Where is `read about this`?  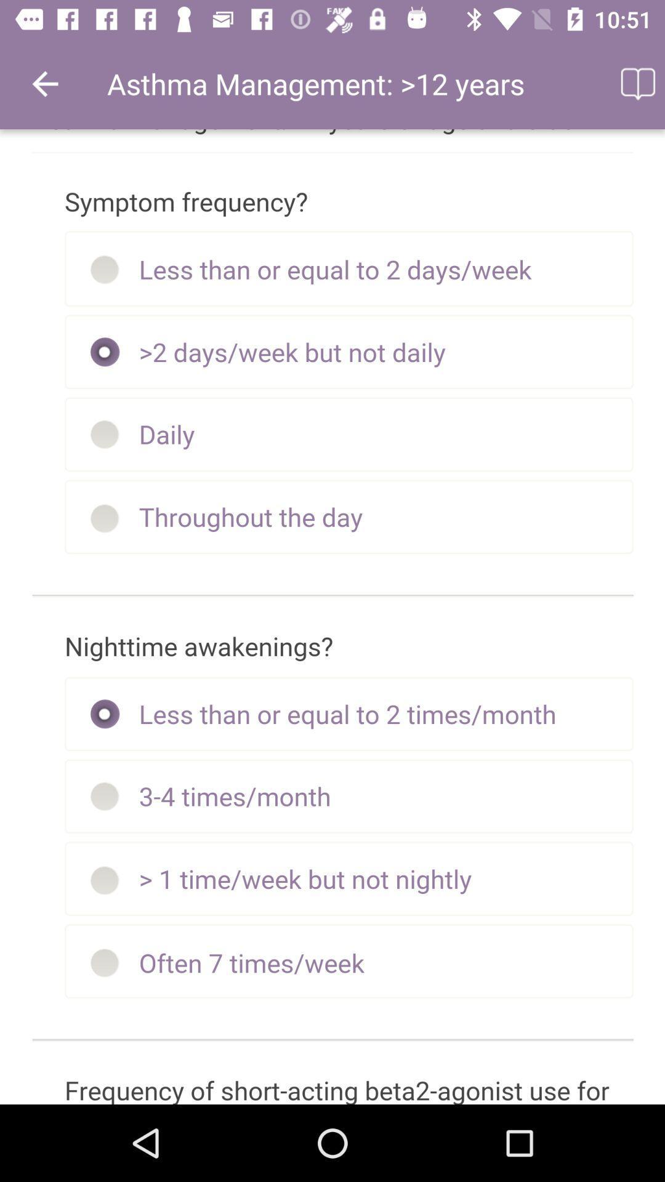 read about this is located at coordinates (637, 83).